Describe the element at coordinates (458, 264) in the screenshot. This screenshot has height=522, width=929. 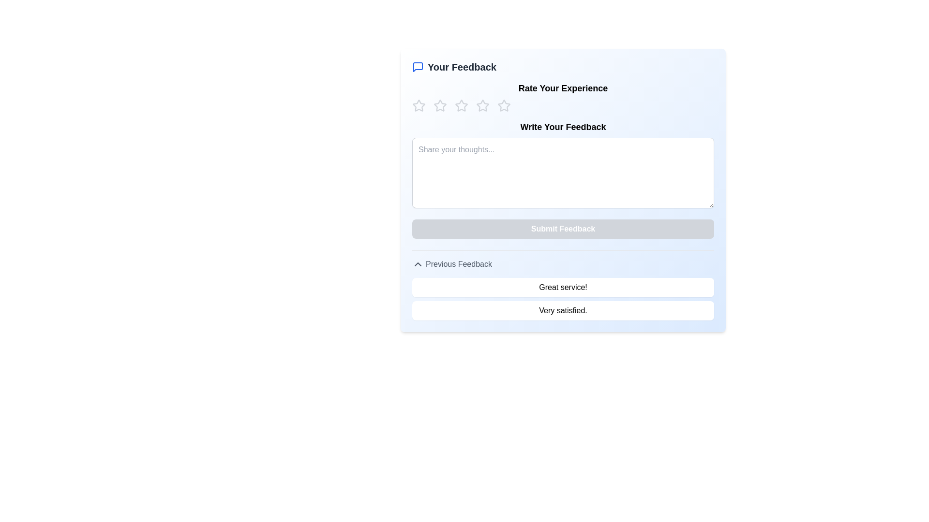
I see `the text-based interactive element located to the right of the downward-facing chevron icon` at that location.